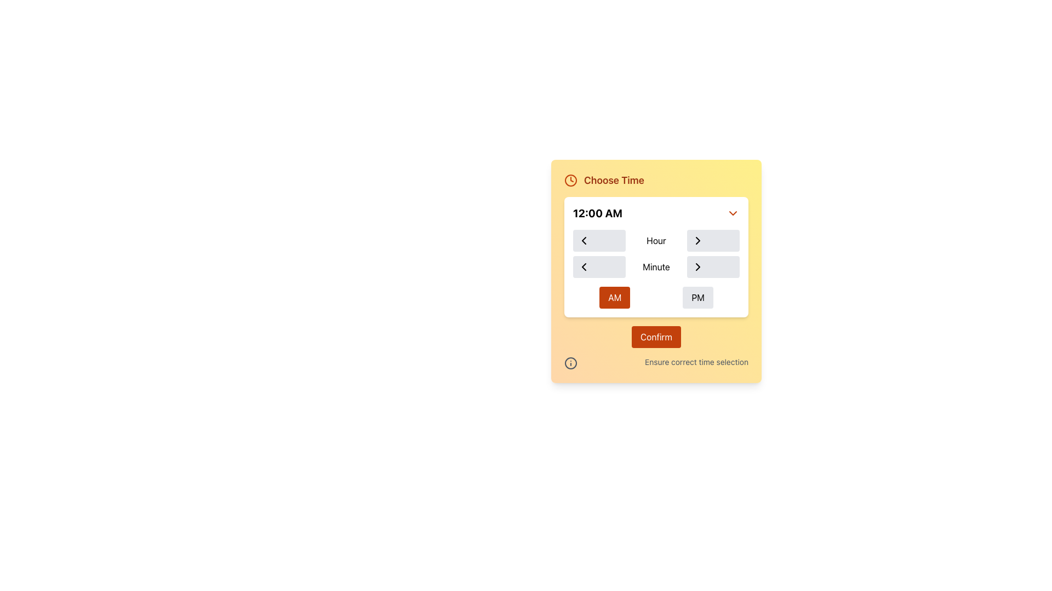  What do you see at coordinates (697, 267) in the screenshot?
I see `the right-facing chevron button used to increment the 'Minute' field in the time-selection interface` at bounding box center [697, 267].